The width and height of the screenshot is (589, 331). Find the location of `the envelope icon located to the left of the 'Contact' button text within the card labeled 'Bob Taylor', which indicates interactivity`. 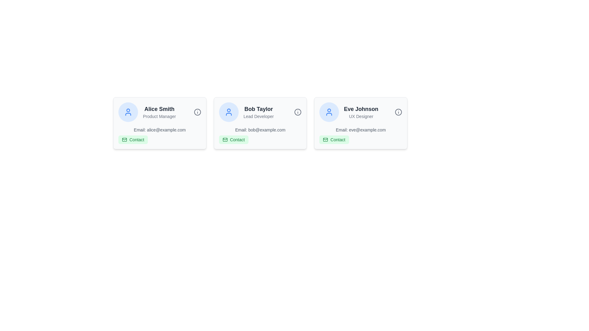

the envelope icon located to the left of the 'Contact' button text within the card labeled 'Bob Taylor', which indicates interactivity is located at coordinates (225, 139).